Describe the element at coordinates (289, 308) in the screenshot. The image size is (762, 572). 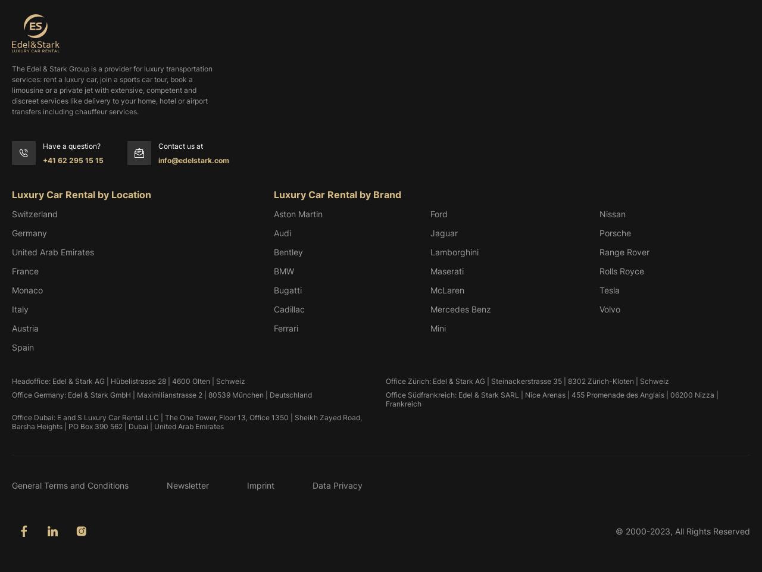
I see `'Cadillac'` at that location.